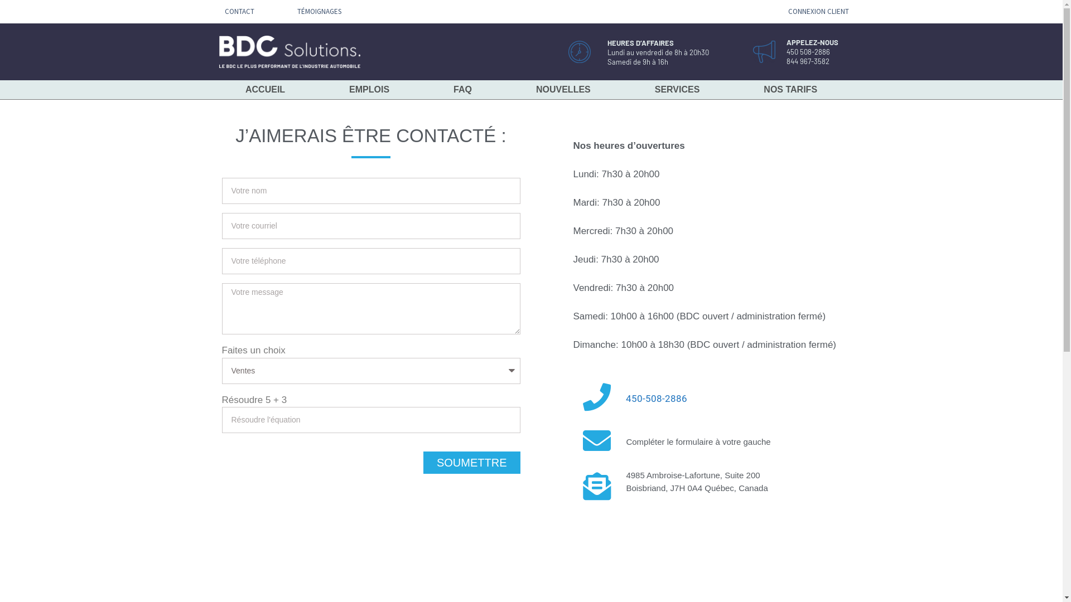  What do you see at coordinates (471, 462) in the screenshot?
I see `'SOUMETTRE'` at bounding box center [471, 462].